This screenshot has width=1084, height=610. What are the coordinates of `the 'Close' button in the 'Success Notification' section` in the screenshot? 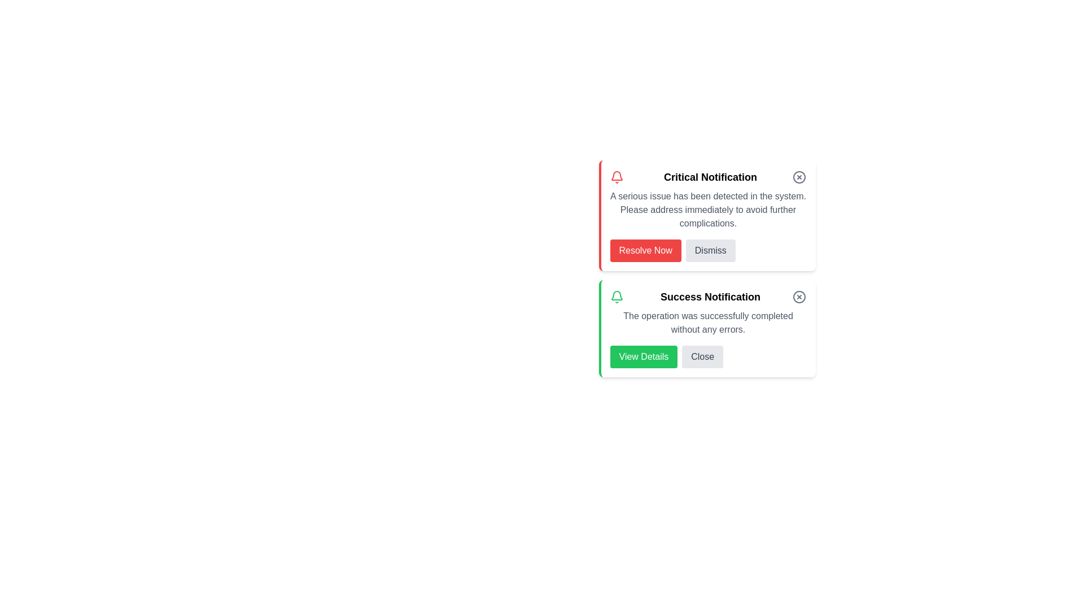 It's located at (702, 357).